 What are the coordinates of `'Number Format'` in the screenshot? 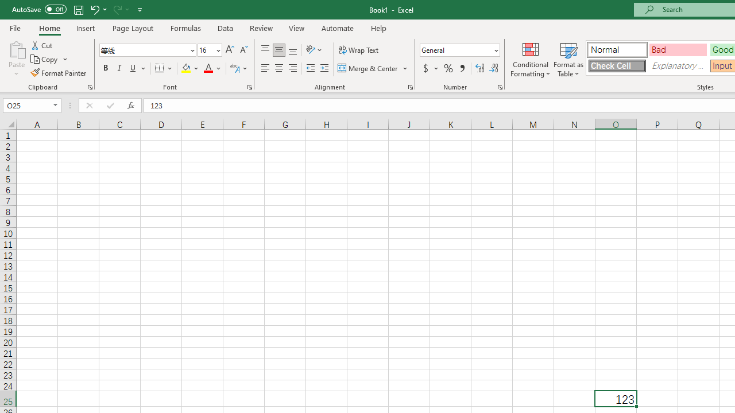 It's located at (455, 49).